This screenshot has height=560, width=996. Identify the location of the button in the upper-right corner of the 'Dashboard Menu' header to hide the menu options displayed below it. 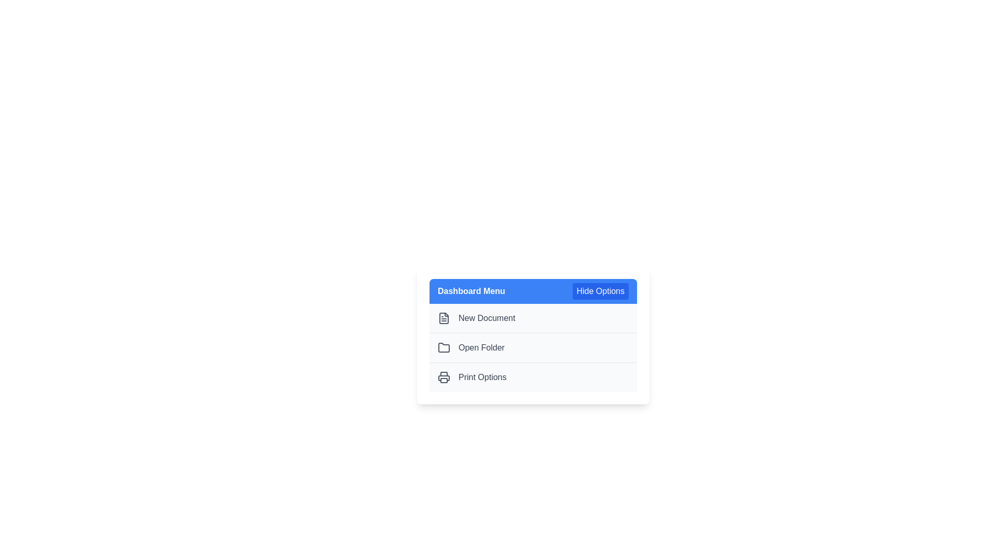
(600, 291).